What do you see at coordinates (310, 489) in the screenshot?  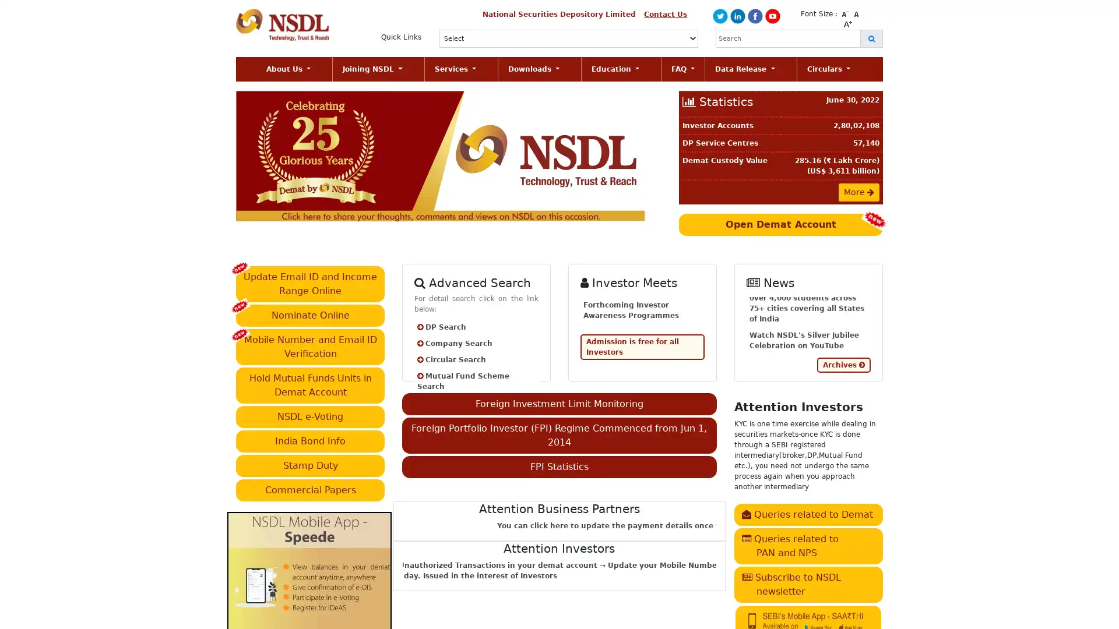 I see `Commercial Papers` at bounding box center [310, 489].